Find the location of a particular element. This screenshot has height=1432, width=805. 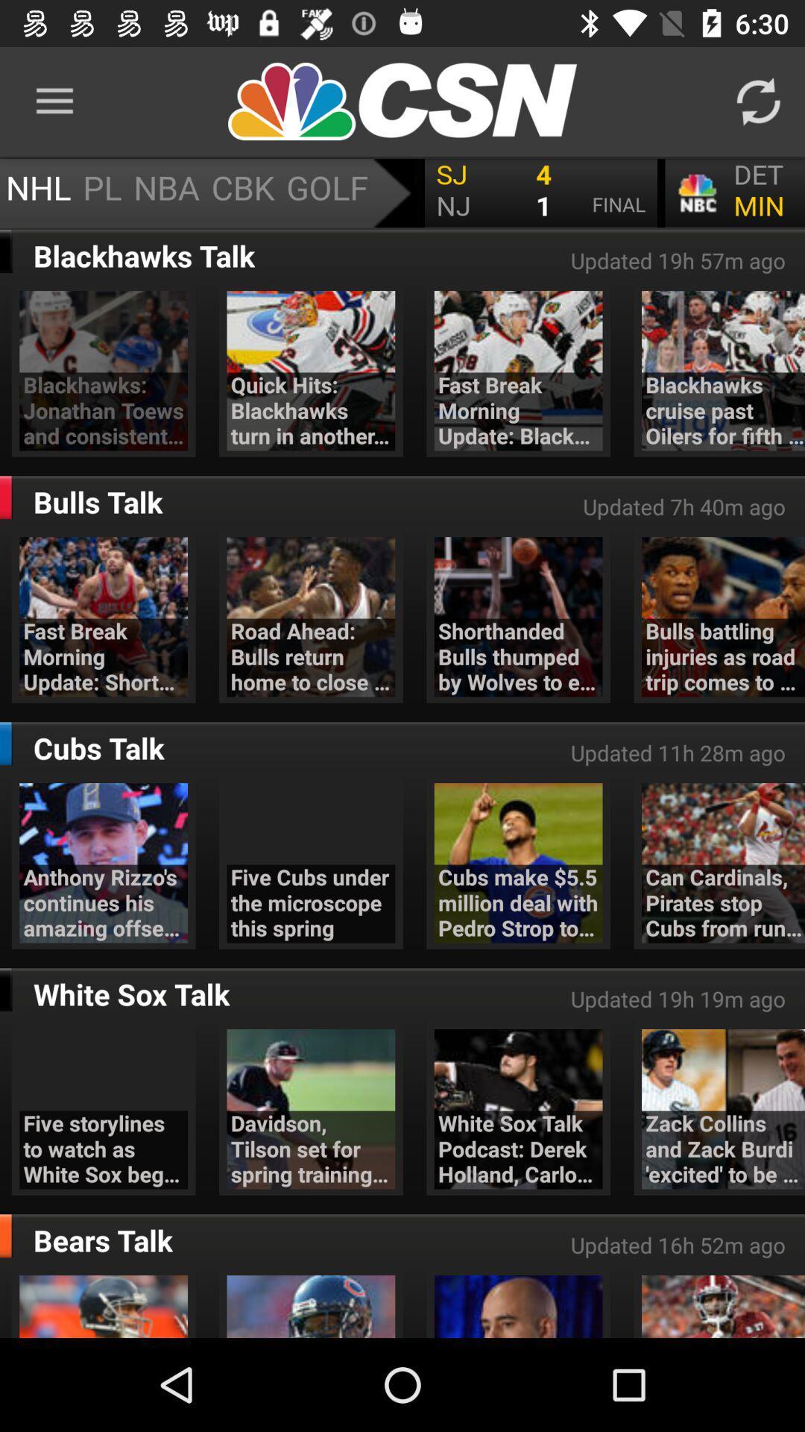

open scoreboard is located at coordinates (402, 192).